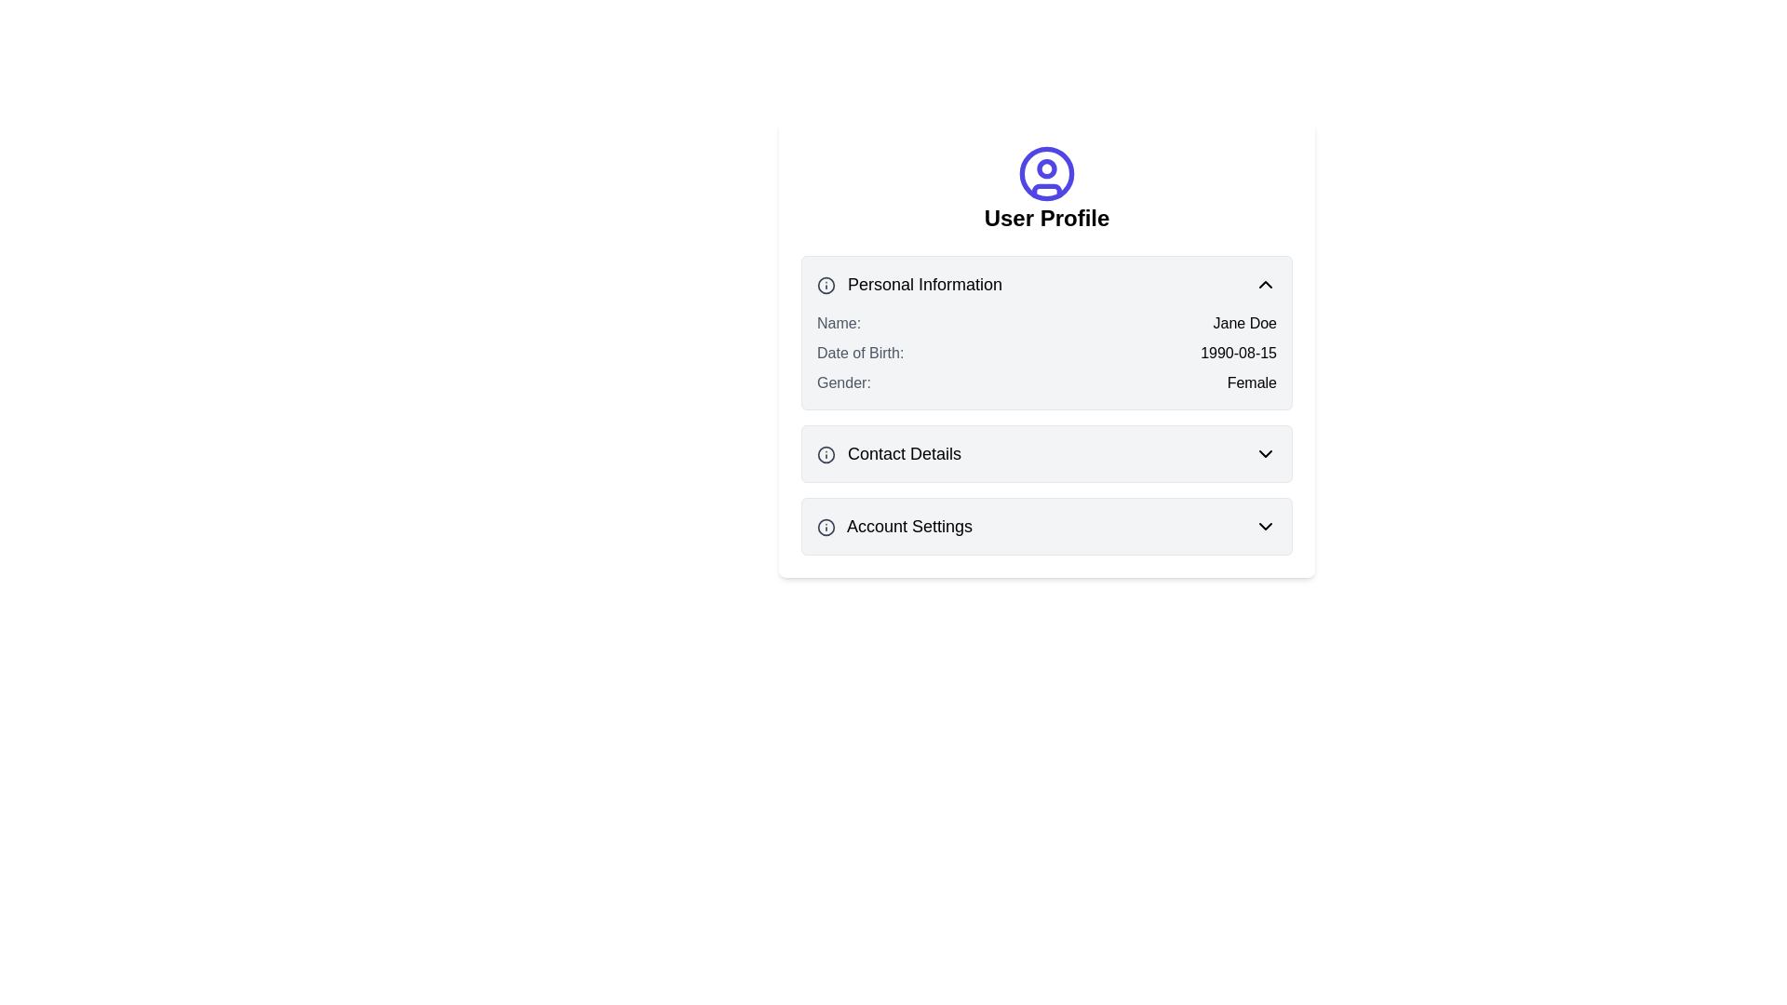 Image resolution: width=1787 pixels, height=1005 pixels. I want to click on the user's name display row labeled 'Name:' which is the first item in the 'Personal Information' group, positioned above 'Date of Birth' and 'Gender', so click(1046, 322).